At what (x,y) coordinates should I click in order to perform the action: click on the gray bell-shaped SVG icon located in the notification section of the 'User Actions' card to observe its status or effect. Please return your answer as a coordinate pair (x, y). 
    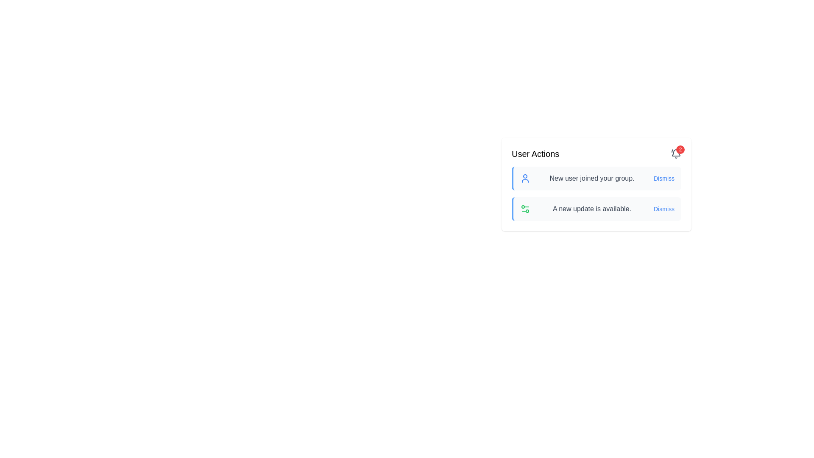
    Looking at the image, I should click on (675, 153).